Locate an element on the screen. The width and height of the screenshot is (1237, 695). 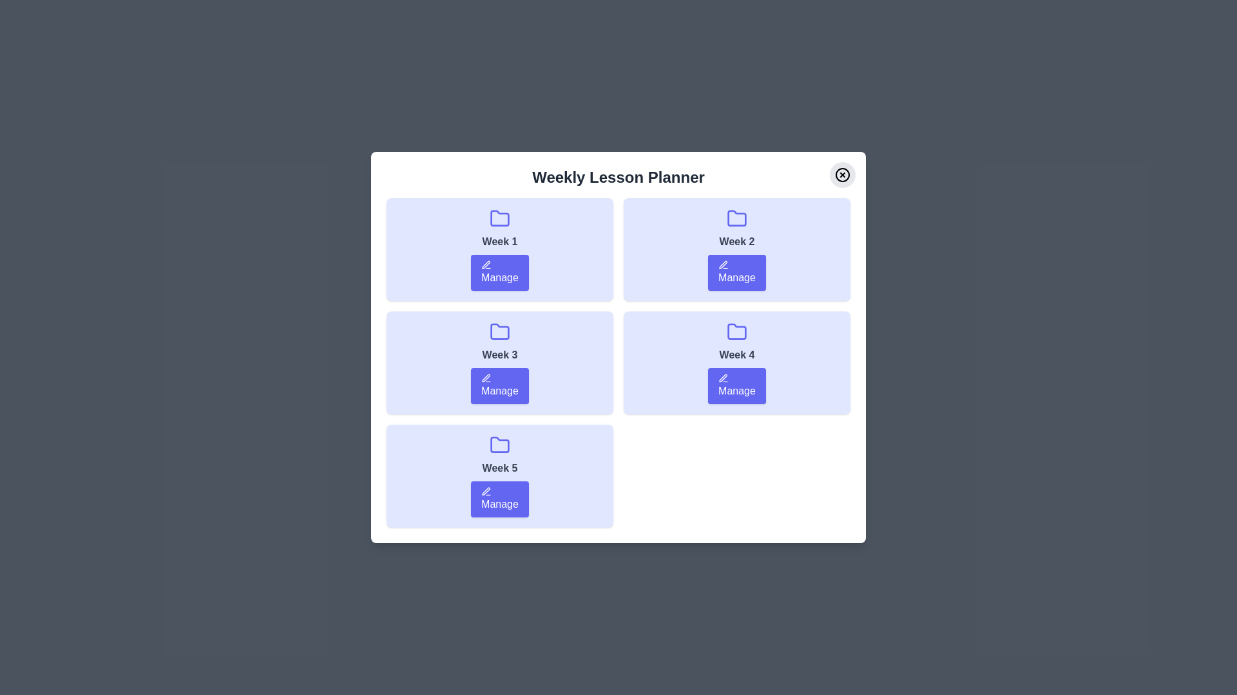
the 'Manage' button for Week 3 is located at coordinates (499, 385).